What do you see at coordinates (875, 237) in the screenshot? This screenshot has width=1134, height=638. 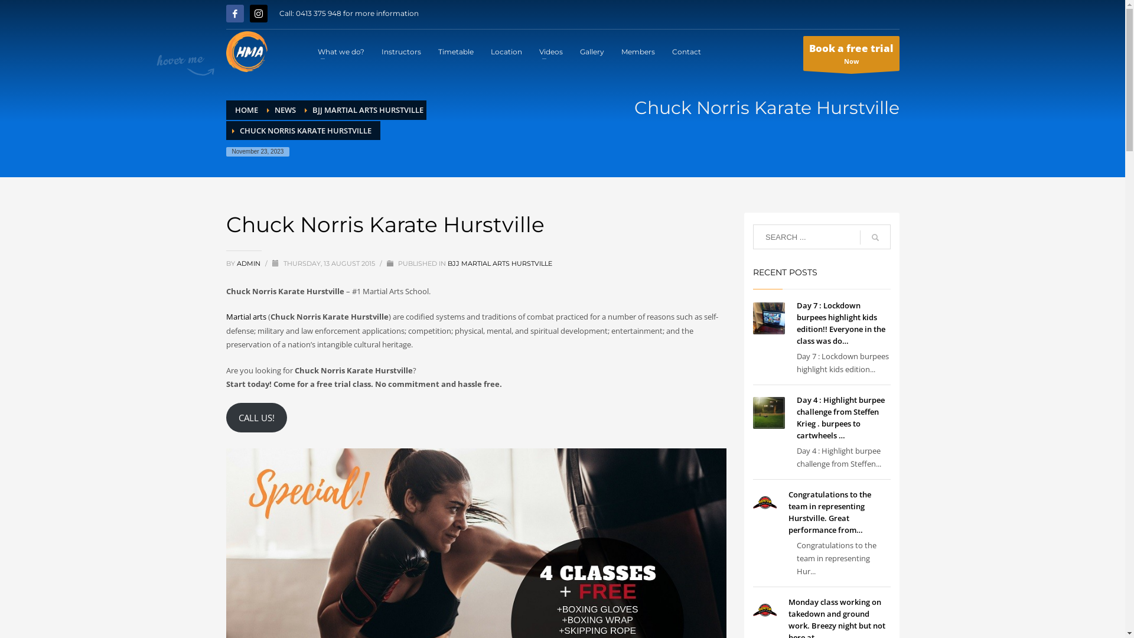 I see `'go'` at bounding box center [875, 237].